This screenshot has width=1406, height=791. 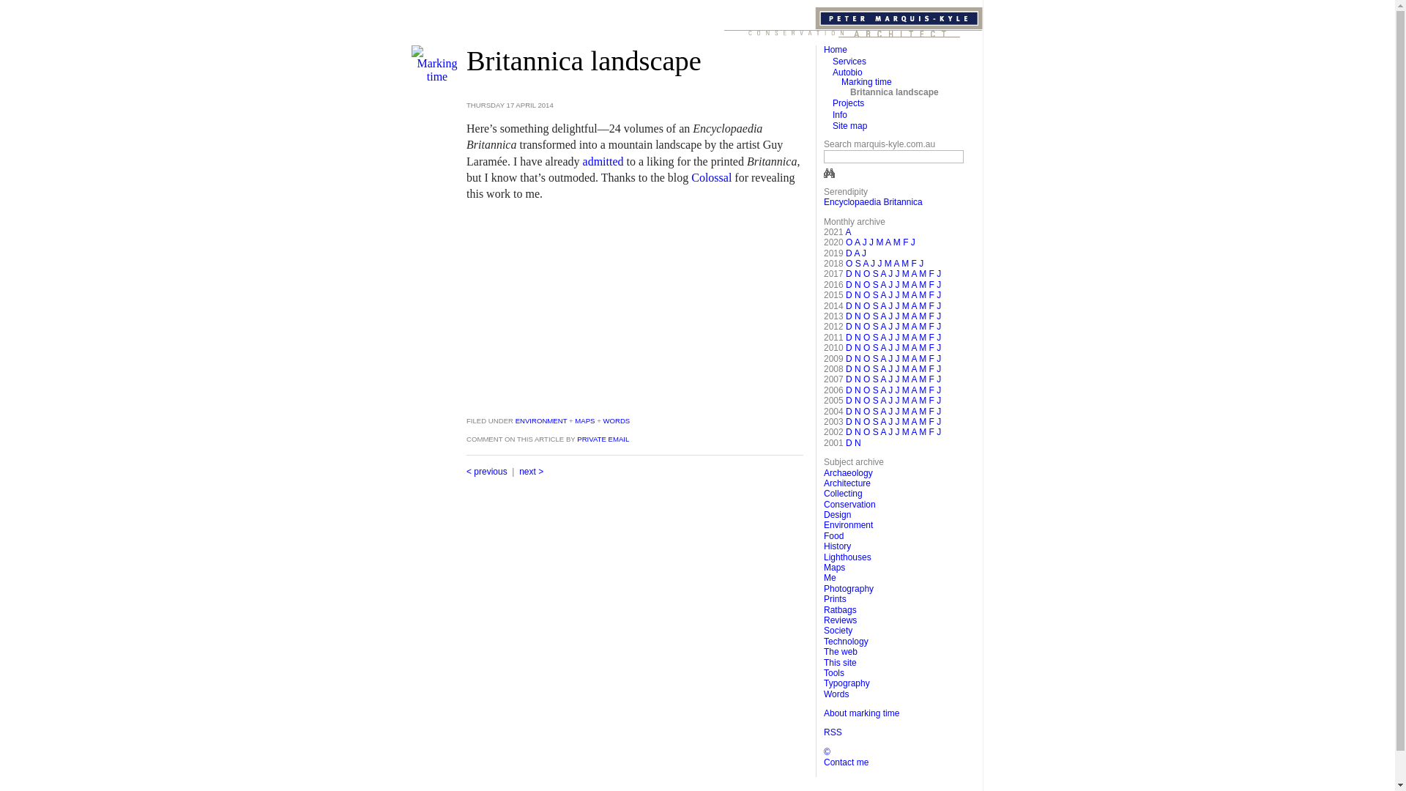 What do you see at coordinates (823, 536) in the screenshot?
I see `'Food'` at bounding box center [823, 536].